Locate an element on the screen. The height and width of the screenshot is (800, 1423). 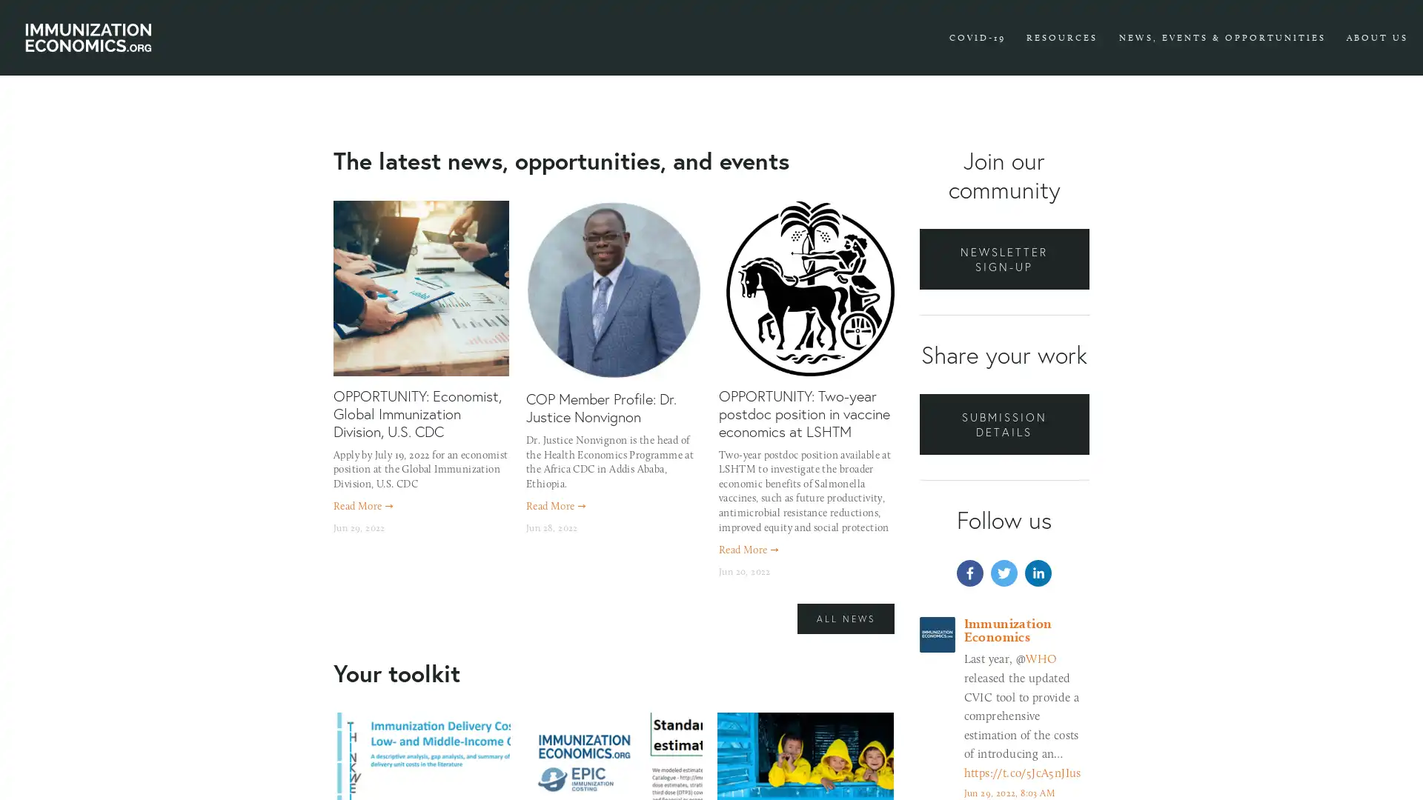
Subscribe is located at coordinates (850, 488).